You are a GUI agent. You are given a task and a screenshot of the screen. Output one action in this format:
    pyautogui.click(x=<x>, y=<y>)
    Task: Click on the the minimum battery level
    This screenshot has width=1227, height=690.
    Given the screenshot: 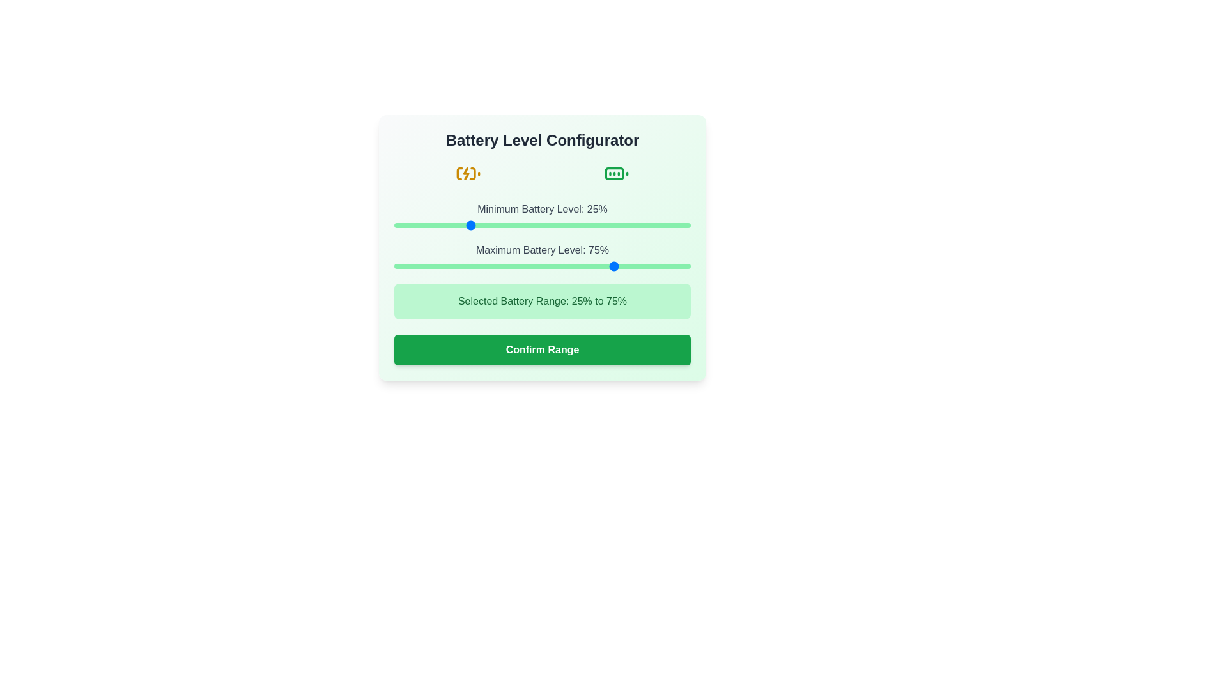 What is the action you would take?
    pyautogui.click(x=444, y=225)
    